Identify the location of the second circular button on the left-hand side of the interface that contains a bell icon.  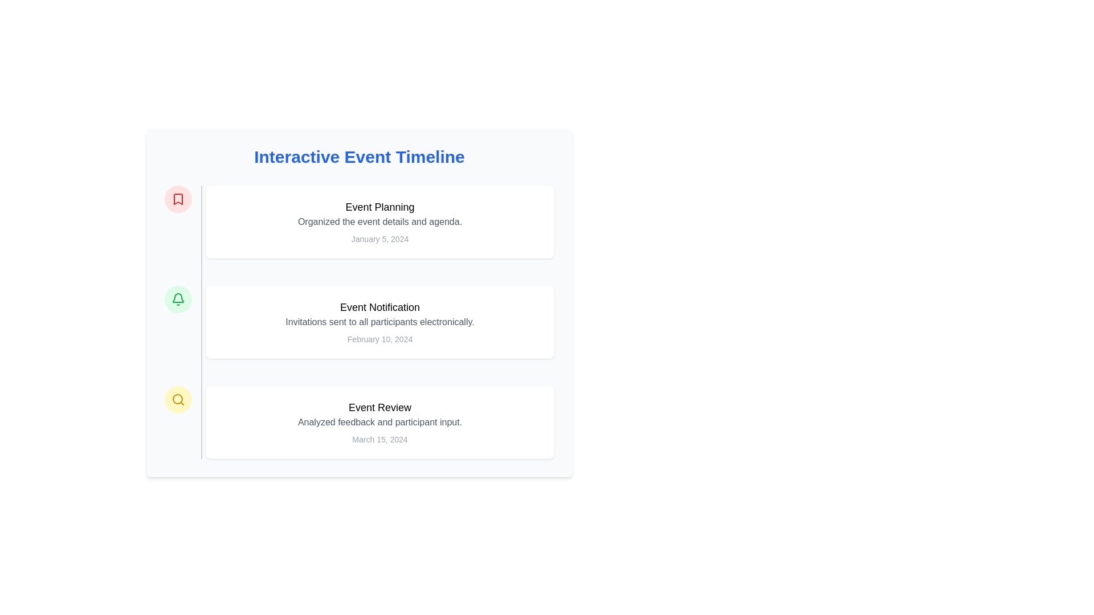
(177, 298).